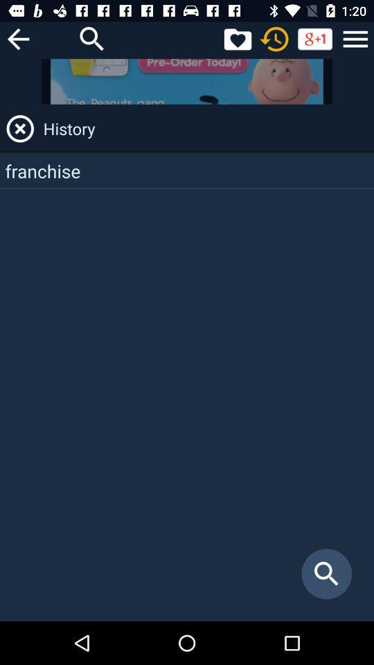 The width and height of the screenshot is (374, 665). I want to click on return time button, so click(274, 38).